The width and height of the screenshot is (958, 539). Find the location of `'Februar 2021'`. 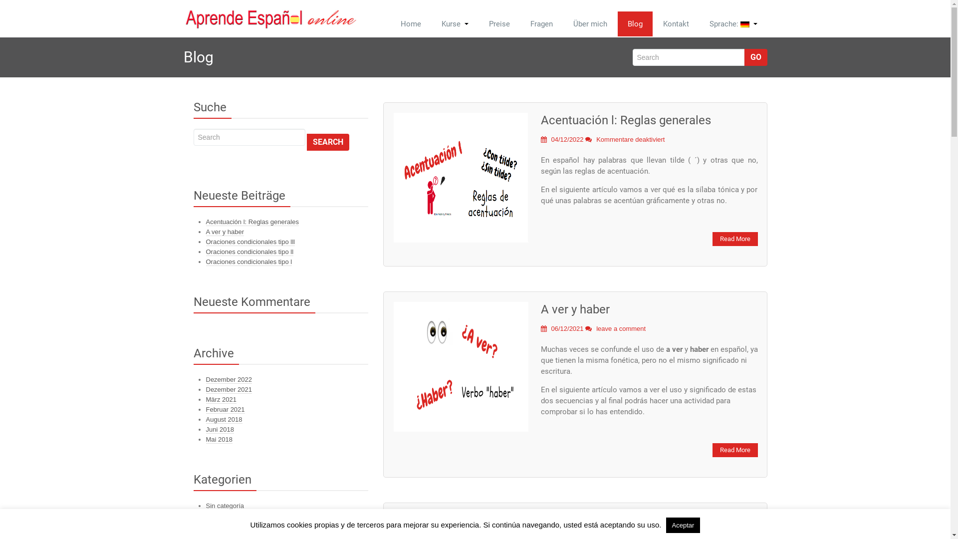

'Februar 2021' is located at coordinates (225, 410).